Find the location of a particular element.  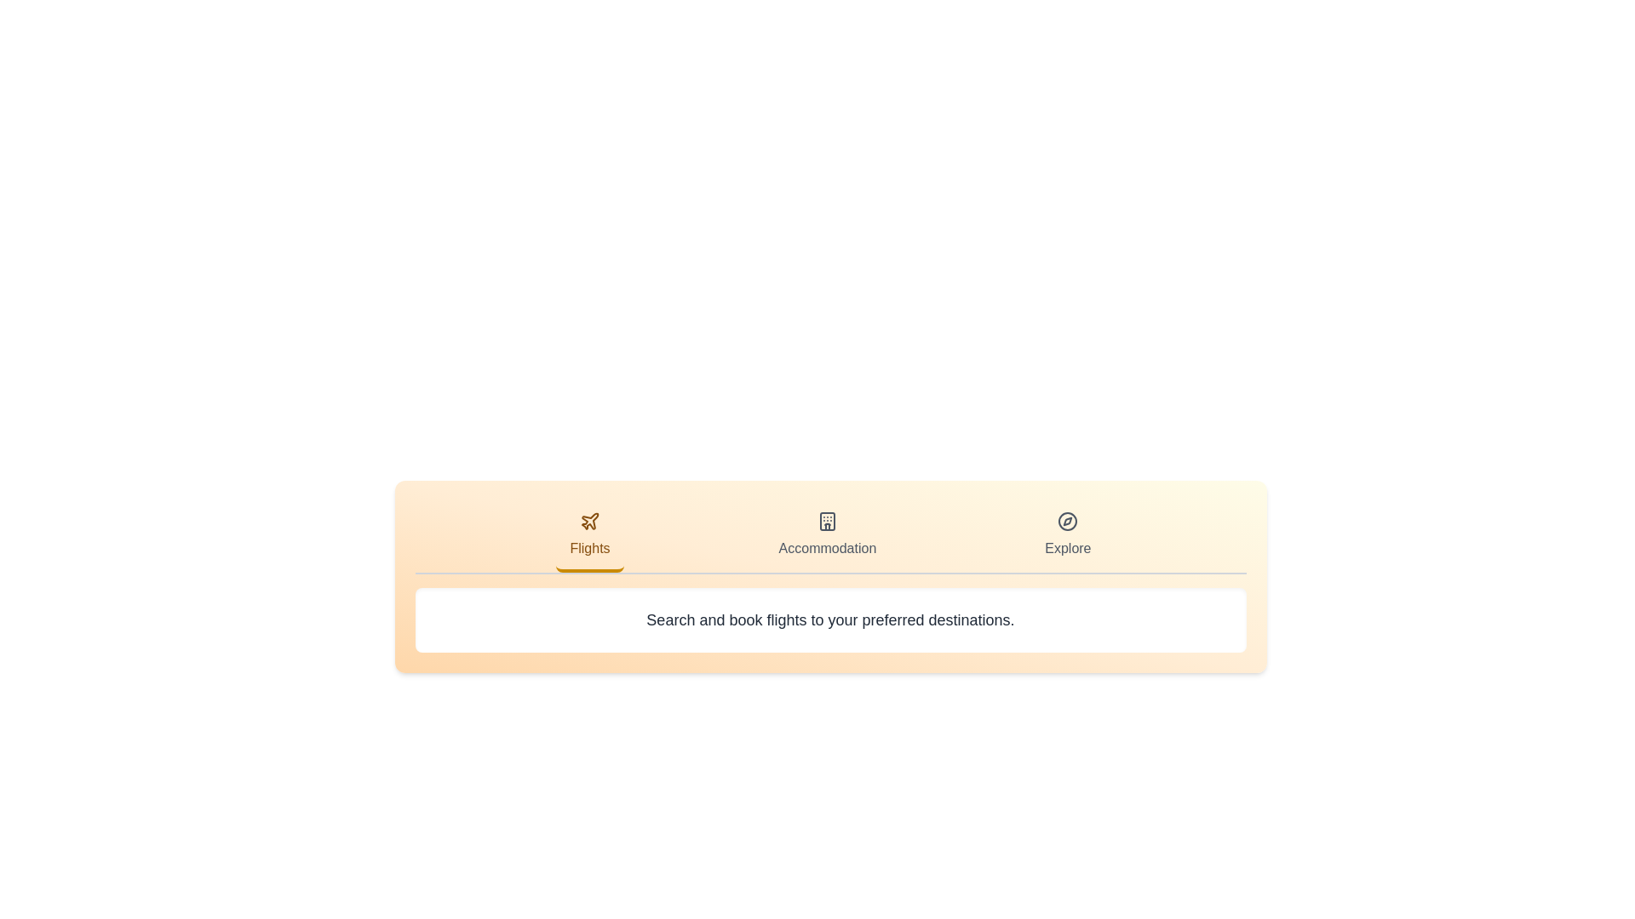

the tab labeled Accommodation is located at coordinates (826, 537).